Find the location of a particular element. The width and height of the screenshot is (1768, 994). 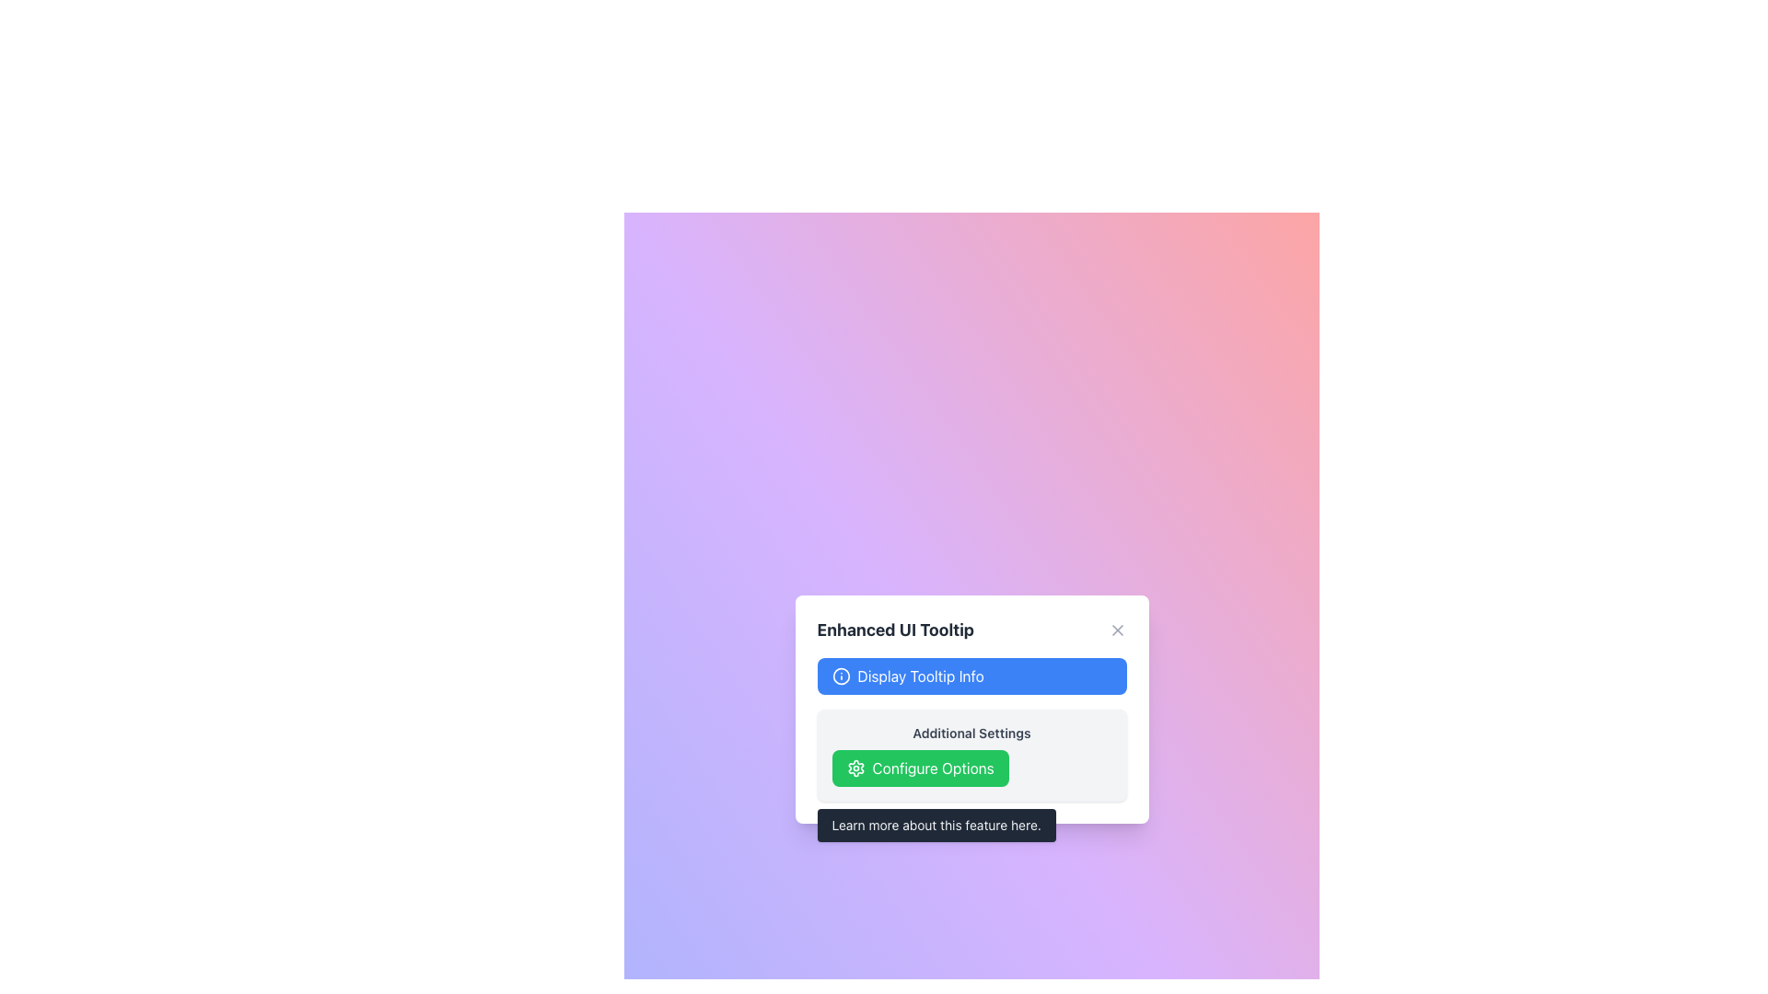

the circular icon with a hollow center and blue fill, located in the tooltip window near the text label 'Display Tooltip Info' is located at coordinates (840, 676).